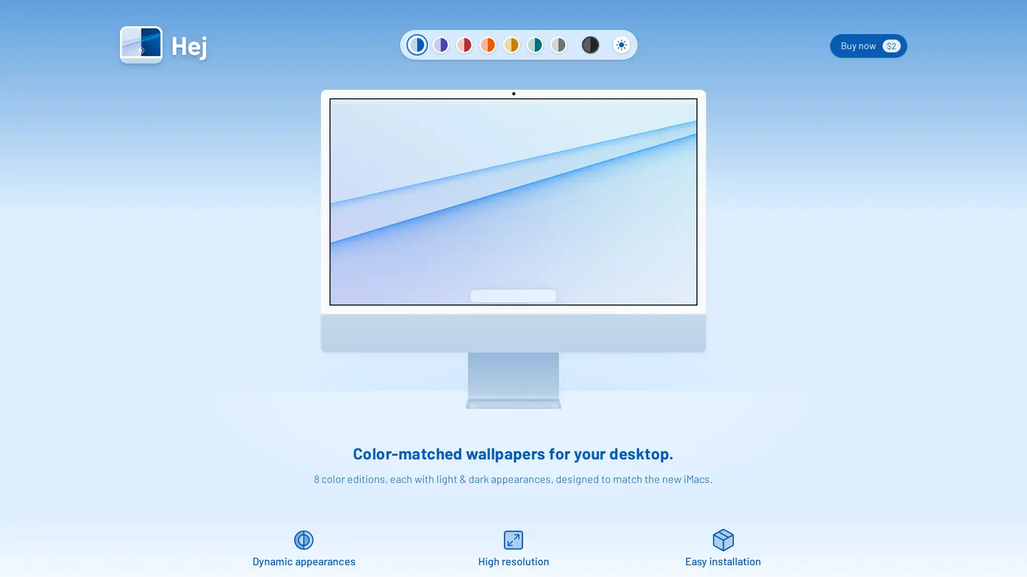 This screenshot has width=1027, height=577. I want to click on Set theme to silver, so click(557, 44).